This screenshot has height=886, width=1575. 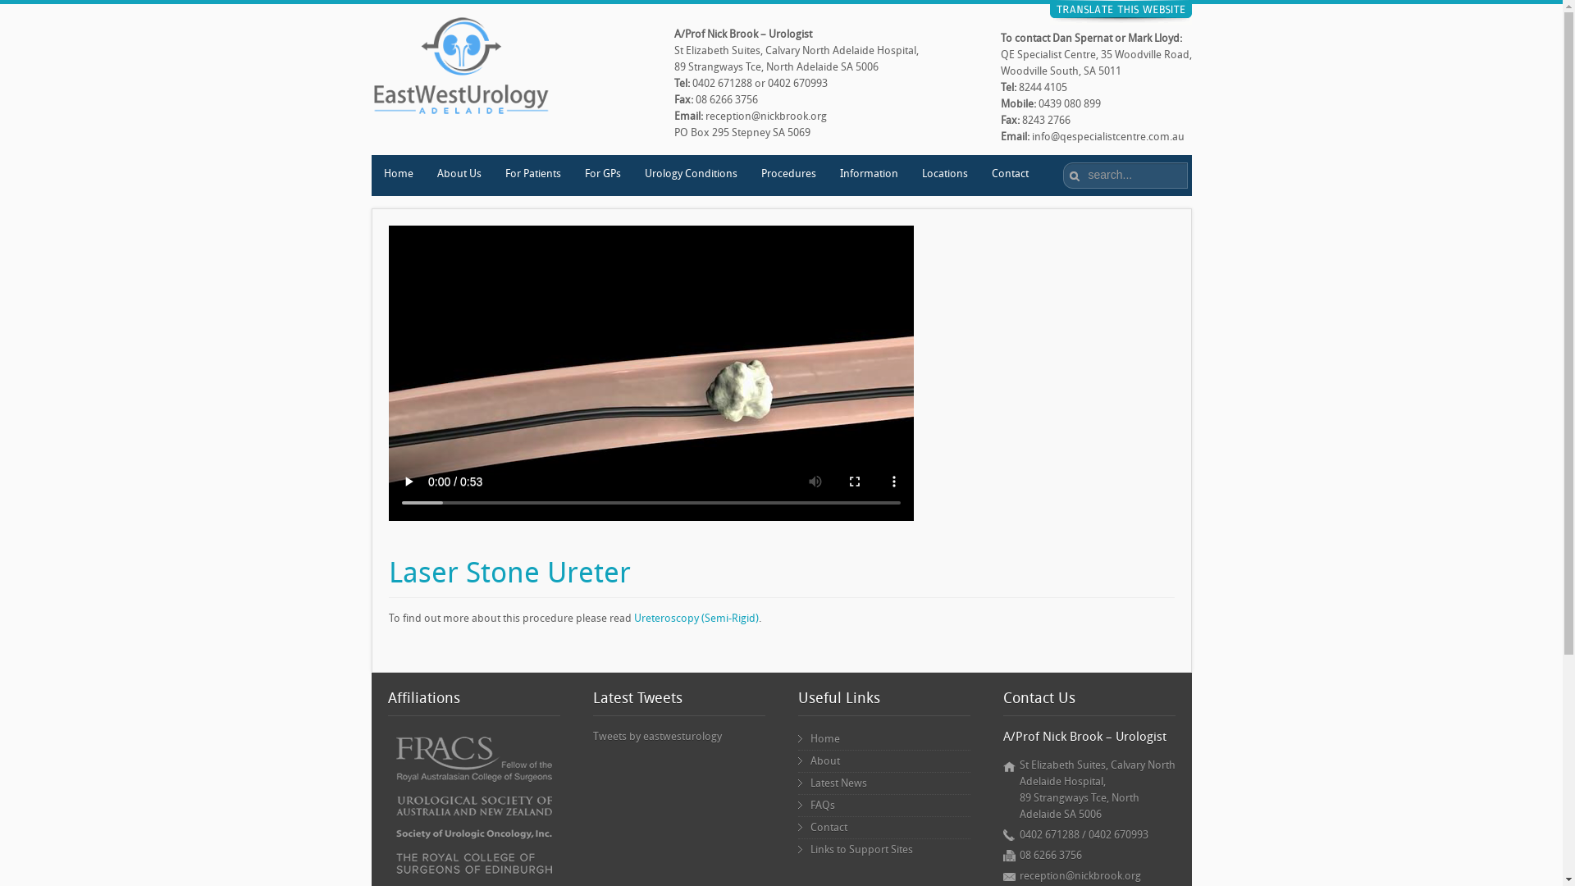 I want to click on 'For GPs', so click(x=601, y=175).